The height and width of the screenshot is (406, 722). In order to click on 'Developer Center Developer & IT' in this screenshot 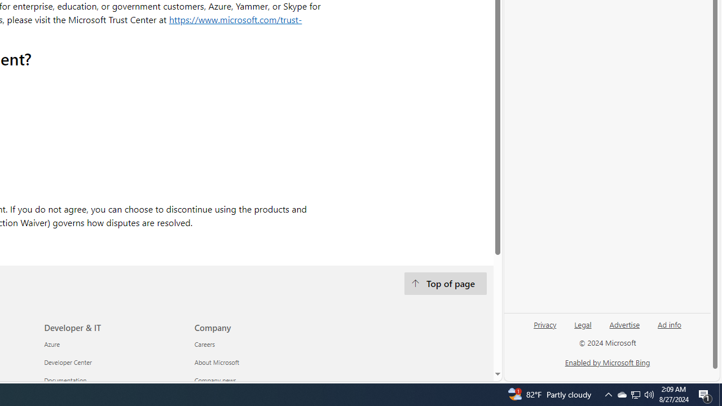, I will do `click(67, 362)`.